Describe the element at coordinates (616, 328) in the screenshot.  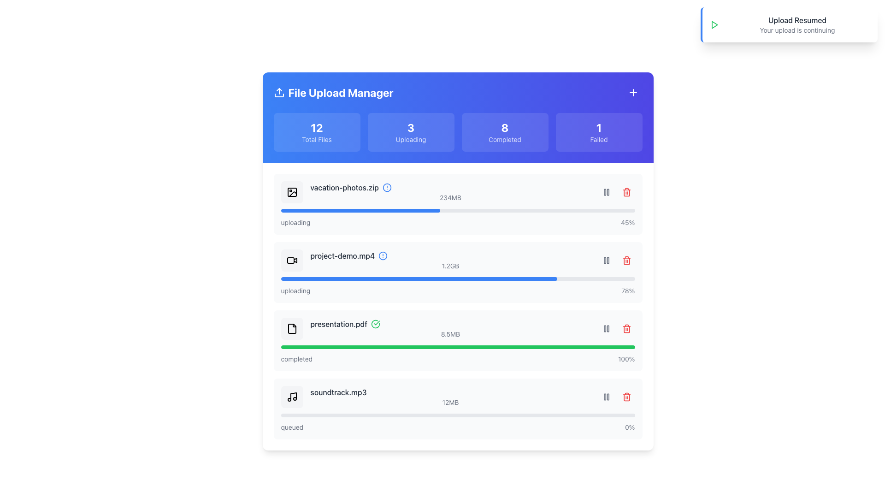
I see `the pause button on the control panel for the file 'presentation.pdf' to temporarily halt actions related to the file` at that location.